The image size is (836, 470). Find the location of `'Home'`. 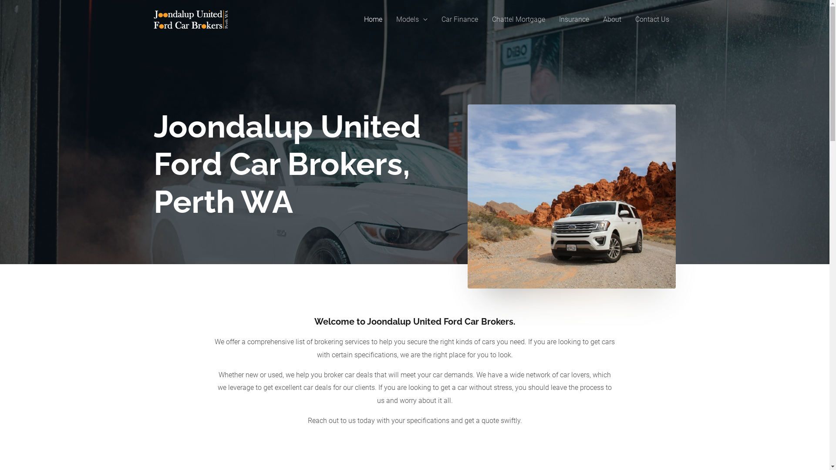

'Home' is located at coordinates (373, 20).